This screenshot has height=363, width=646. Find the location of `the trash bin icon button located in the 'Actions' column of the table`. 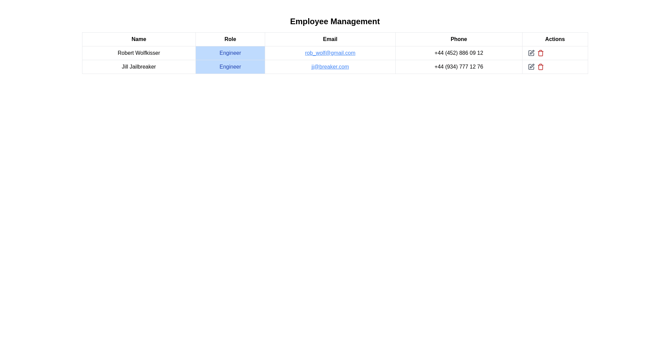

the trash bin icon button located in the 'Actions' column of the table is located at coordinates (540, 67).